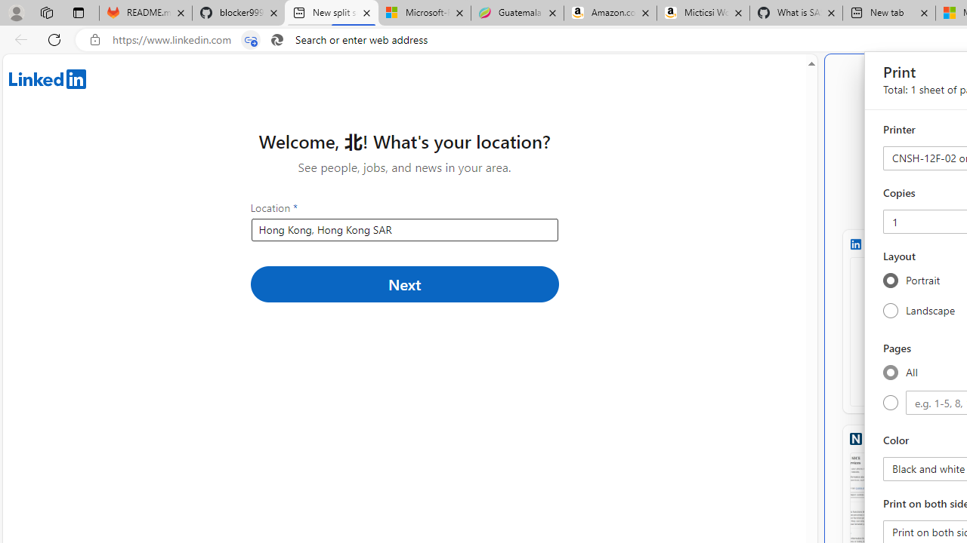 The width and height of the screenshot is (967, 543). What do you see at coordinates (890, 309) in the screenshot?
I see `'Landscape'` at bounding box center [890, 309].